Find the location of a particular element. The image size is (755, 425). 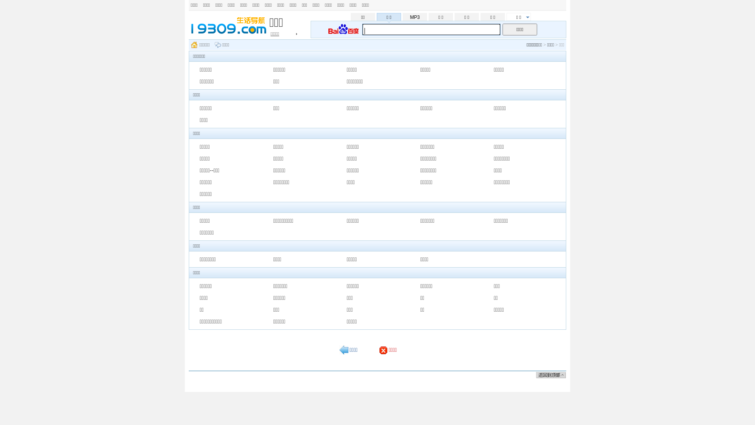

'MP3' is located at coordinates (414, 17).